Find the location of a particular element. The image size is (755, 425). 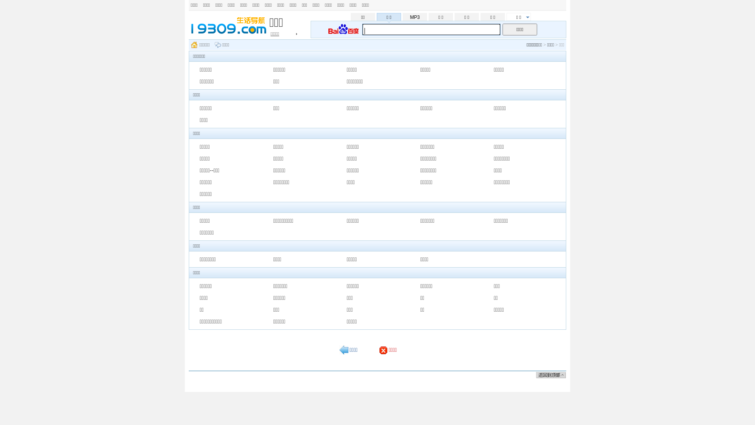

'MP3' is located at coordinates (414, 17).